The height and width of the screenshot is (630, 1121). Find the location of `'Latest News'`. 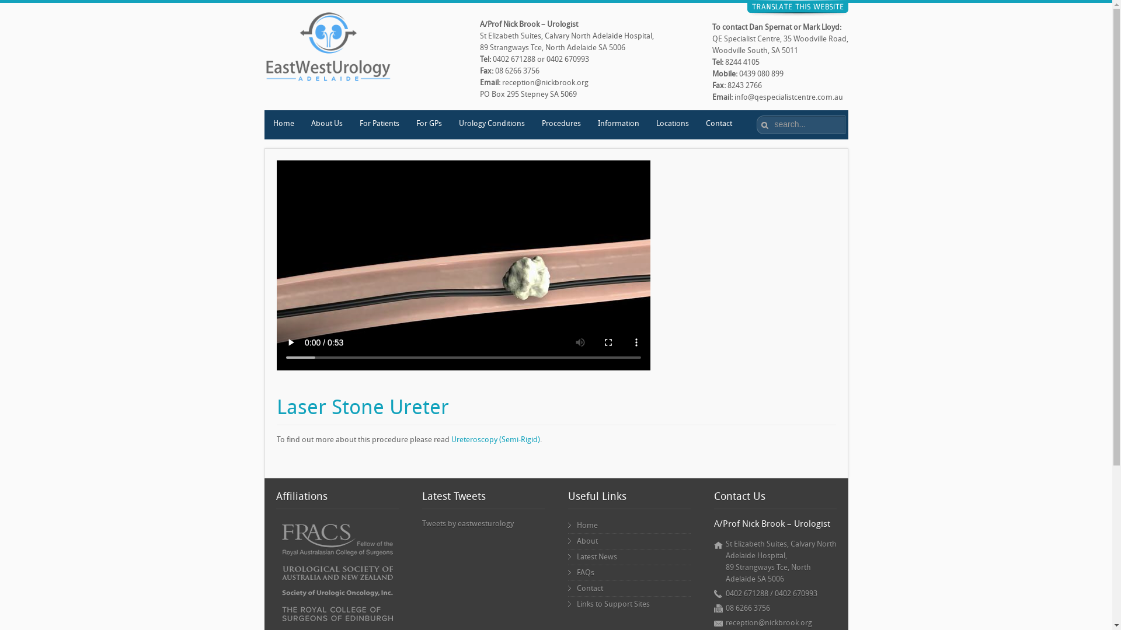

'Latest News' is located at coordinates (628, 556).